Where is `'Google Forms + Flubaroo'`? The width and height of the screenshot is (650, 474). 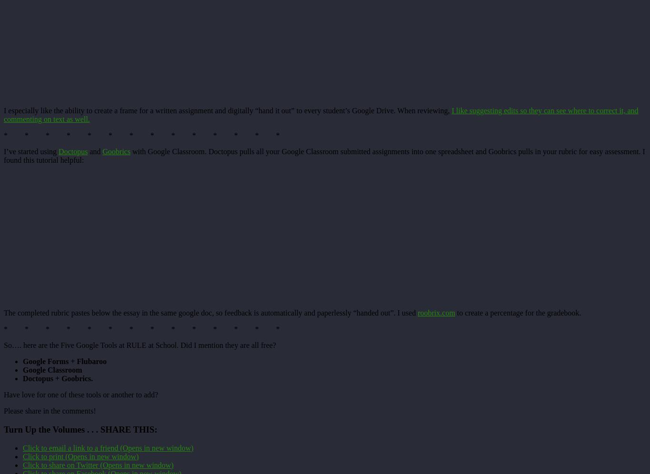
'Google Forms + Flubaroo' is located at coordinates (64, 361).